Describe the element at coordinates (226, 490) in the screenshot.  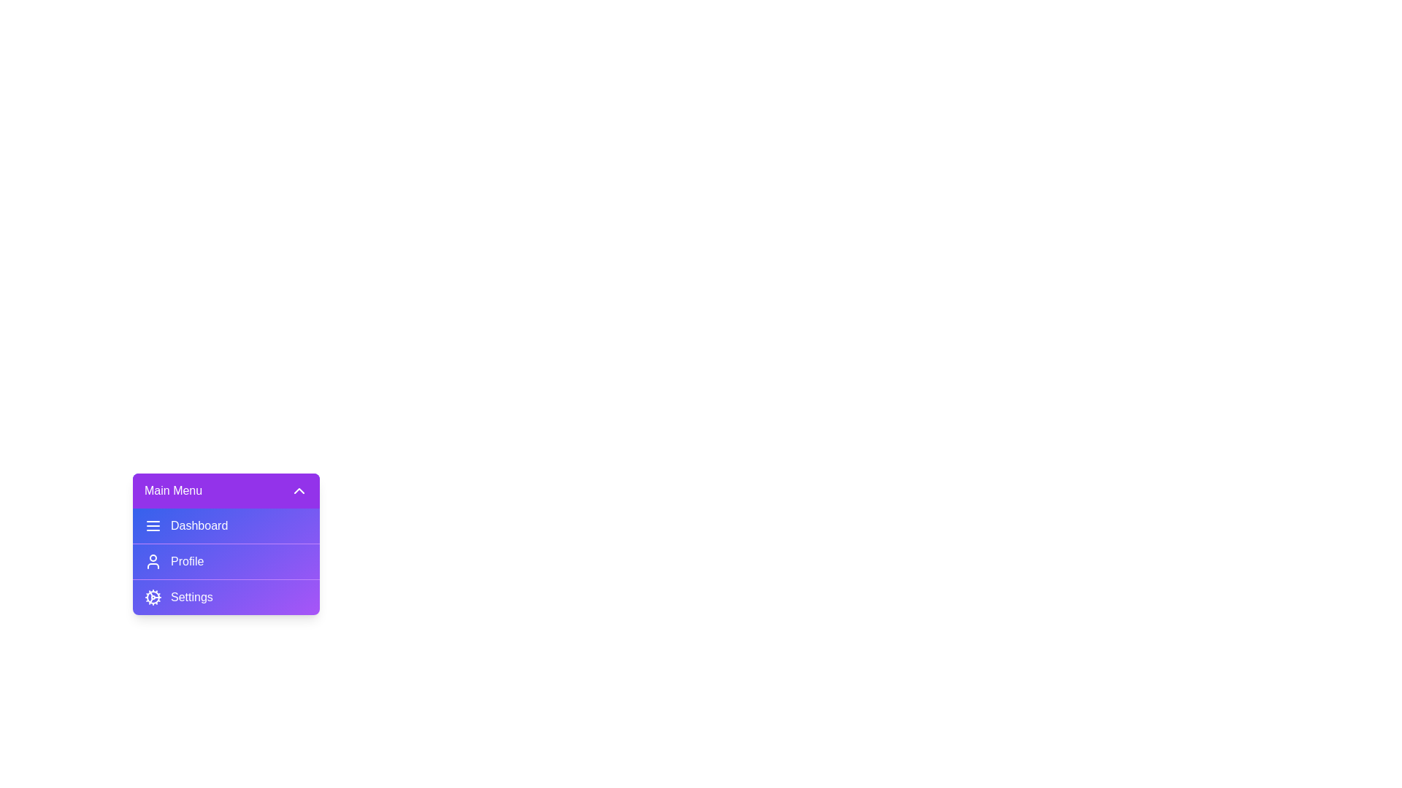
I see `the button at the top of the dropdown menu` at that location.